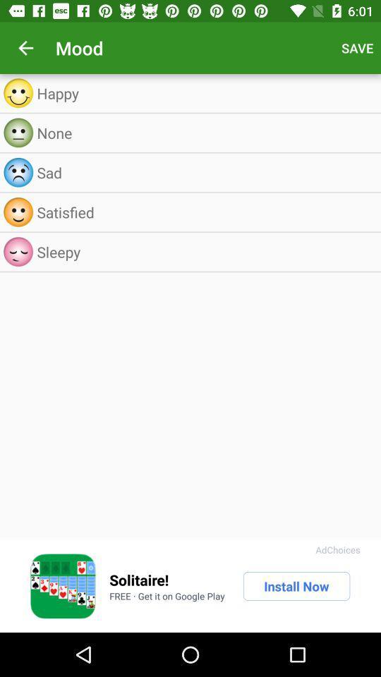 This screenshot has width=381, height=677. I want to click on save icon, so click(356, 48).